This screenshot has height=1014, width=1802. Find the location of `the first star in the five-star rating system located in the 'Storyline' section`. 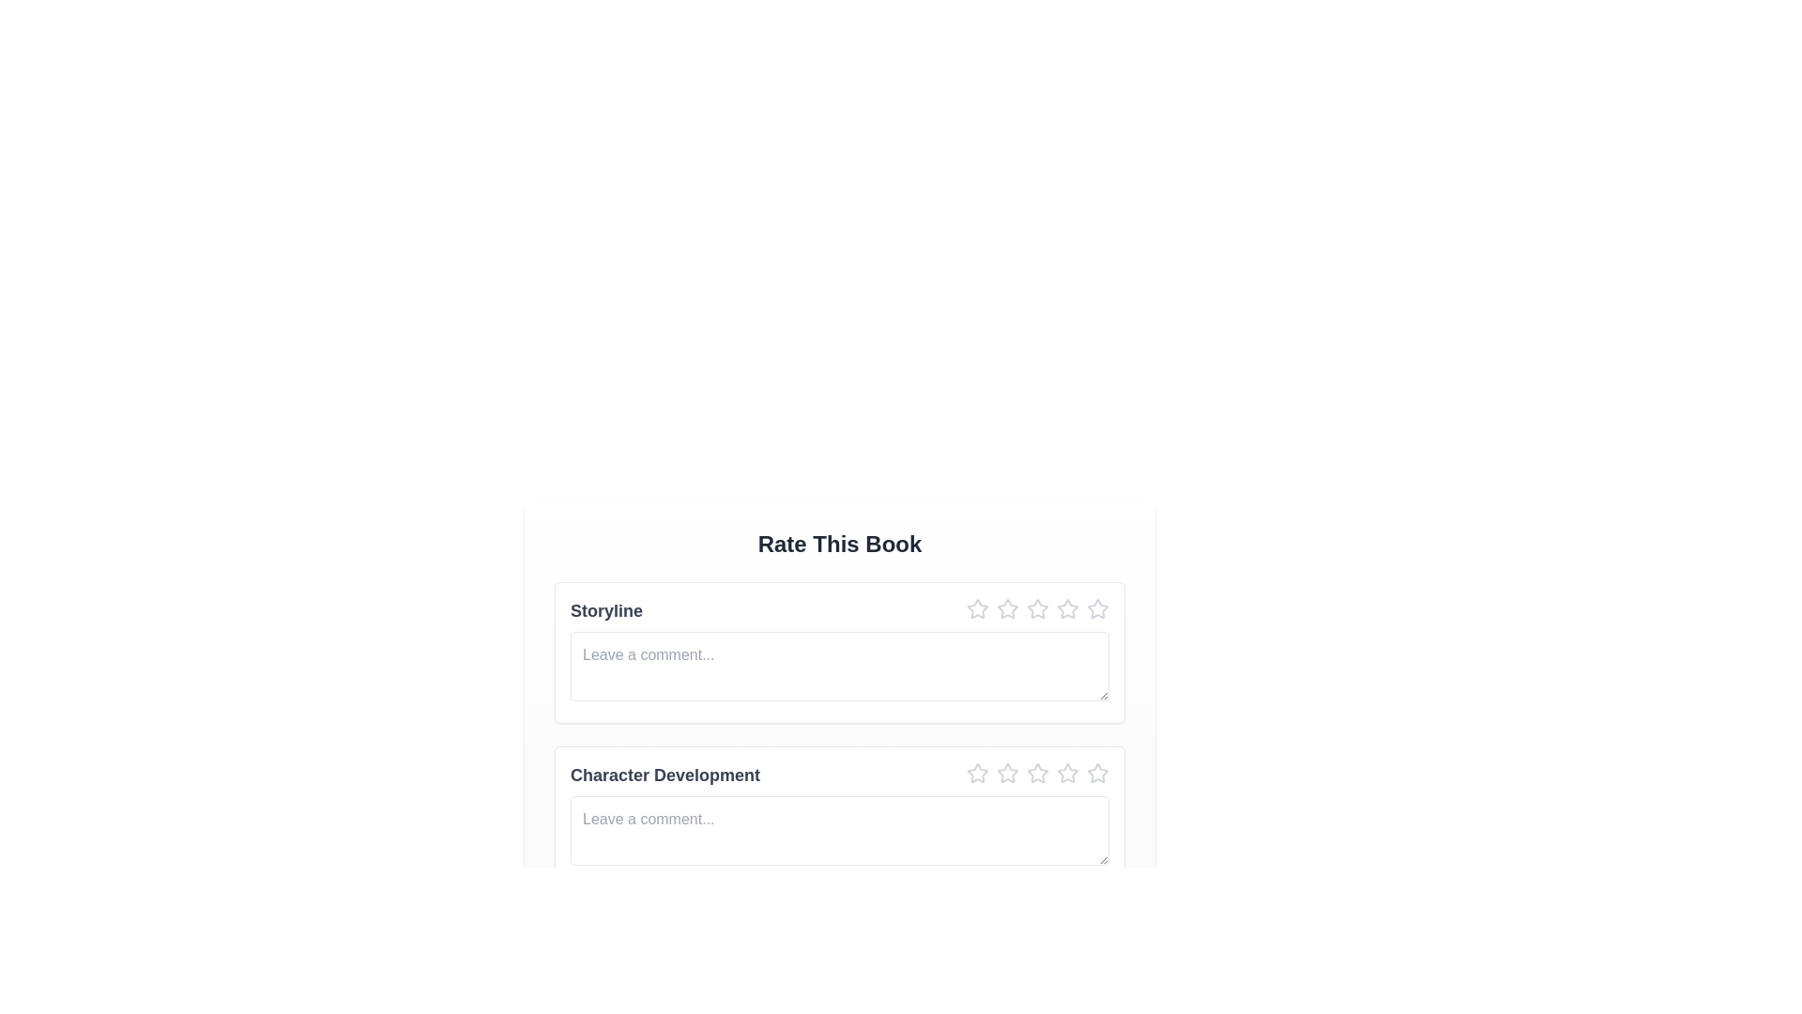

the first star in the five-star rating system located in the 'Storyline' section is located at coordinates (976, 608).